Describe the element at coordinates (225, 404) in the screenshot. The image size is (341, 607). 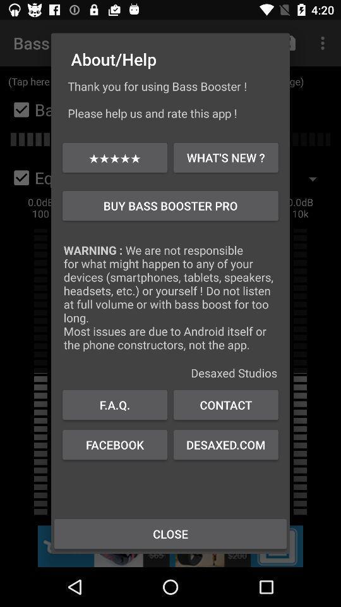
I see `contact item` at that location.